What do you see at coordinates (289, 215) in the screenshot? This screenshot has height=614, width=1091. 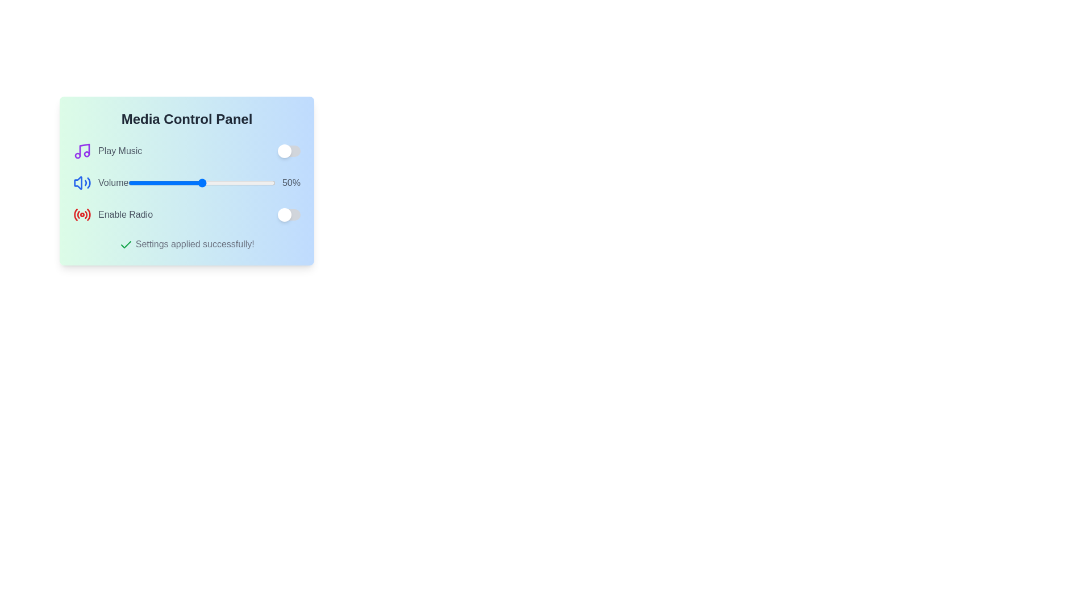 I see `the toggle switch located in the control panel interface under the 'Enable Radio' option to change its state between active and inactive` at bounding box center [289, 215].